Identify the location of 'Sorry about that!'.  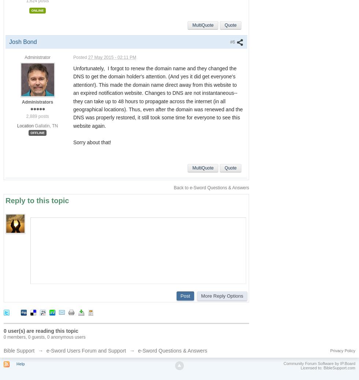
(92, 142).